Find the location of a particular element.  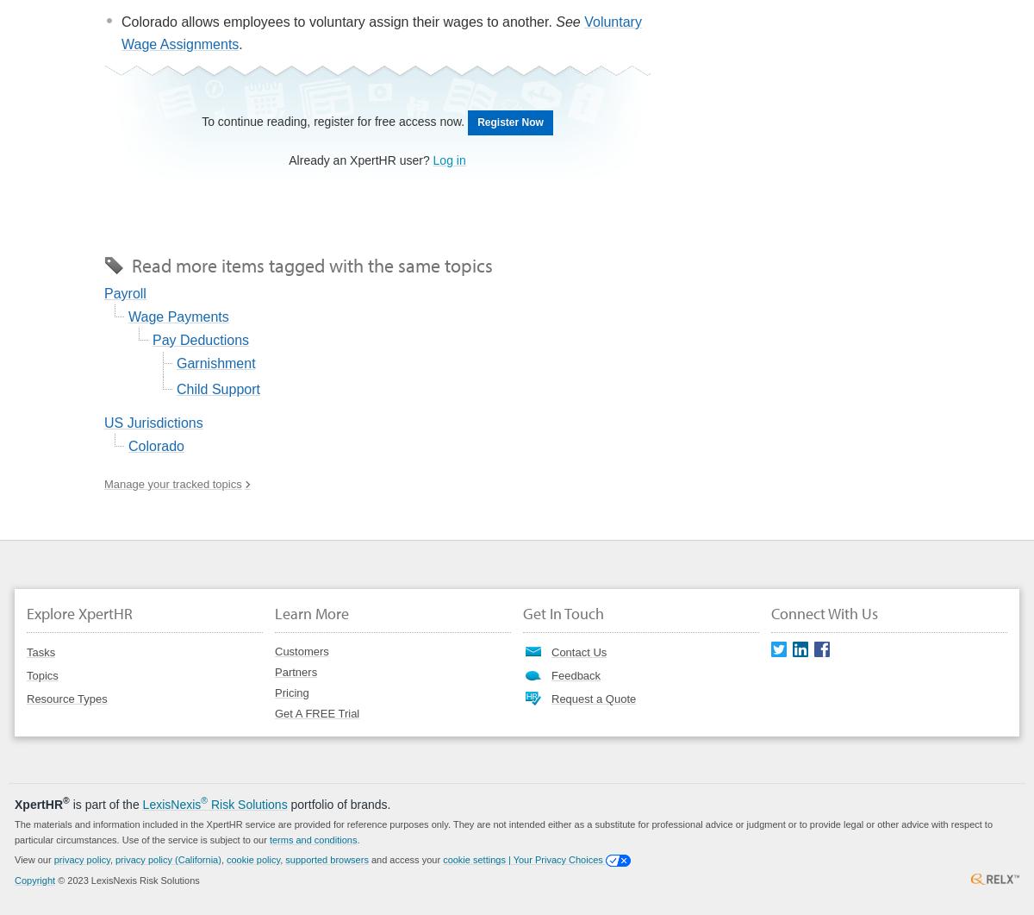

'Already an XpertHR user?' is located at coordinates (360, 159).